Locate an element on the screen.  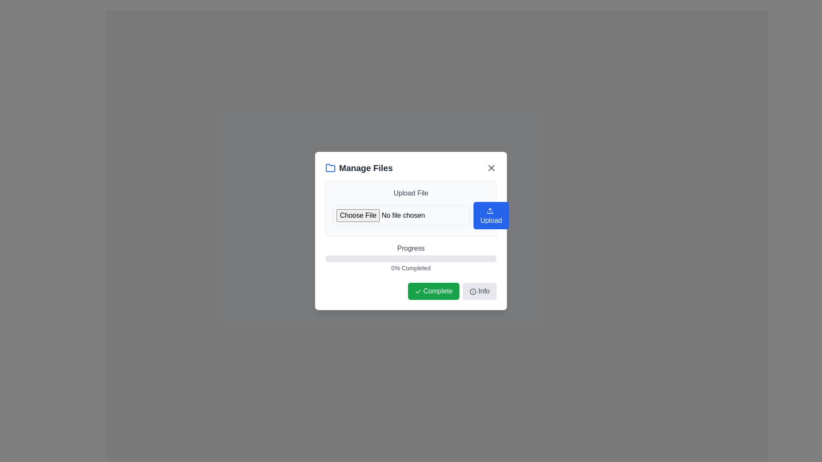
the checkmark icon inside the 'Complete' button is located at coordinates (418, 291).